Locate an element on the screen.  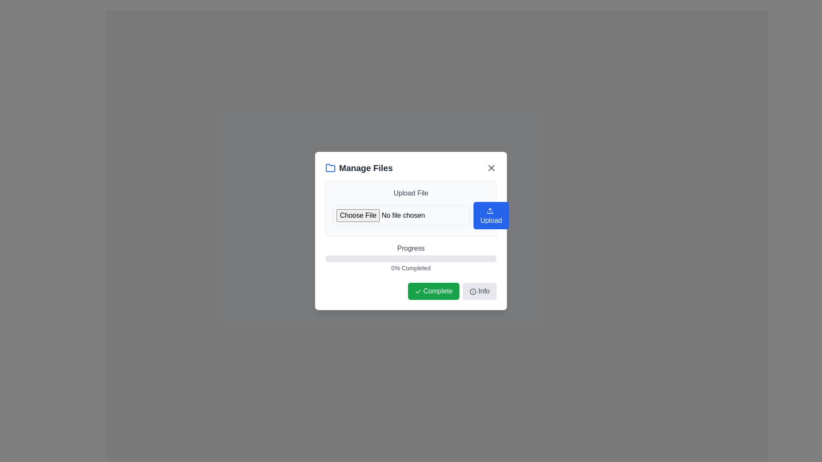
the checkmark icon inside the 'Complete' button is located at coordinates (418, 291).